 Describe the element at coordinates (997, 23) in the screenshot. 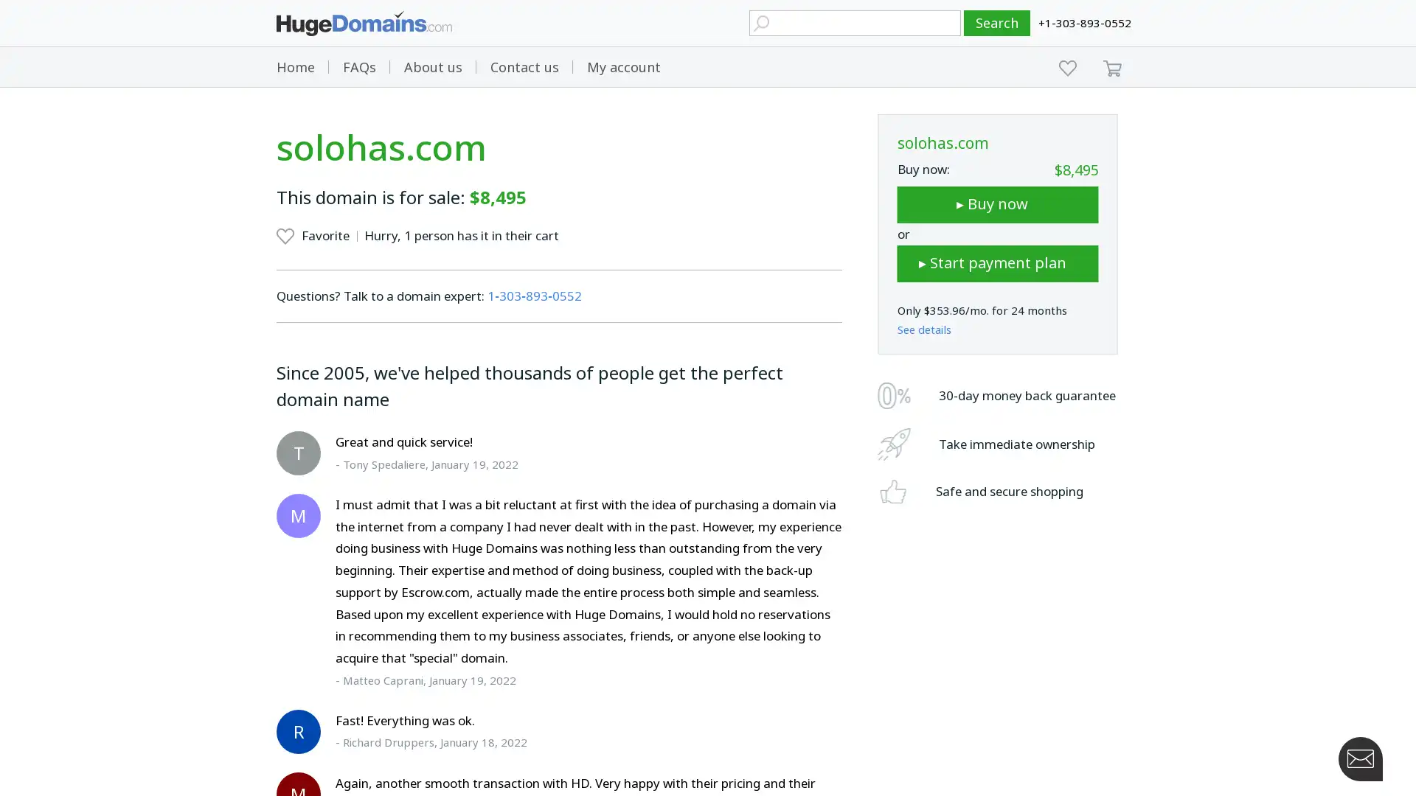

I see `Search` at that location.